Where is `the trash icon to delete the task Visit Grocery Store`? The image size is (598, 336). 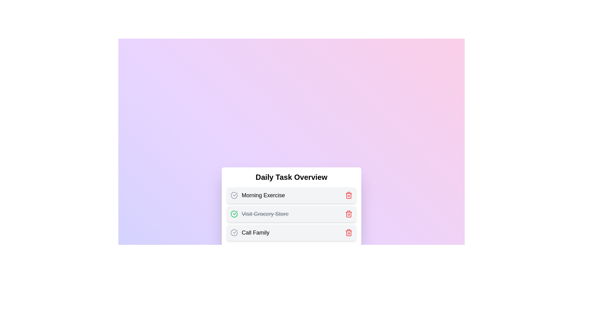 the trash icon to delete the task Visit Grocery Store is located at coordinates (348, 213).